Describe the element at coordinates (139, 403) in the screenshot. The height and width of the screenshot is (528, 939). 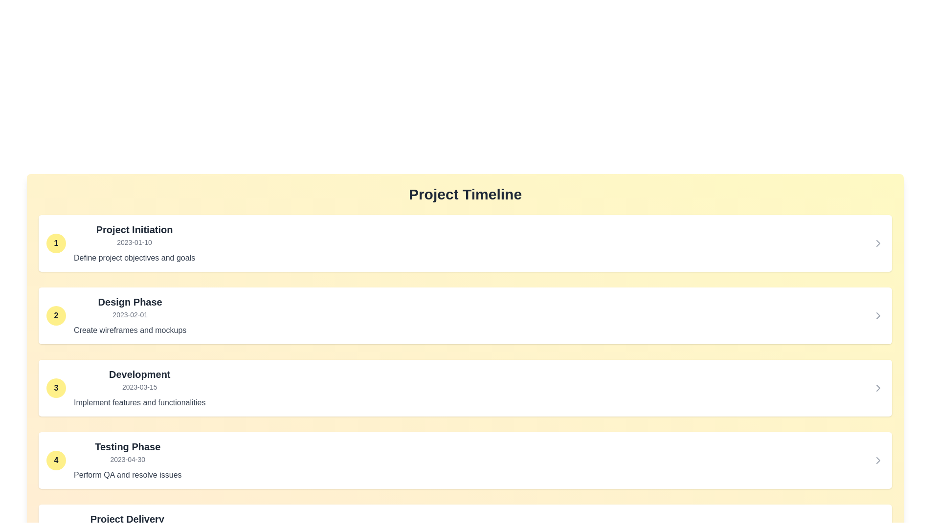
I see `the descriptive Text Label located in the 'Development' section of the project timeline, which provides information about key activities or tasks associated with this phase` at that location.